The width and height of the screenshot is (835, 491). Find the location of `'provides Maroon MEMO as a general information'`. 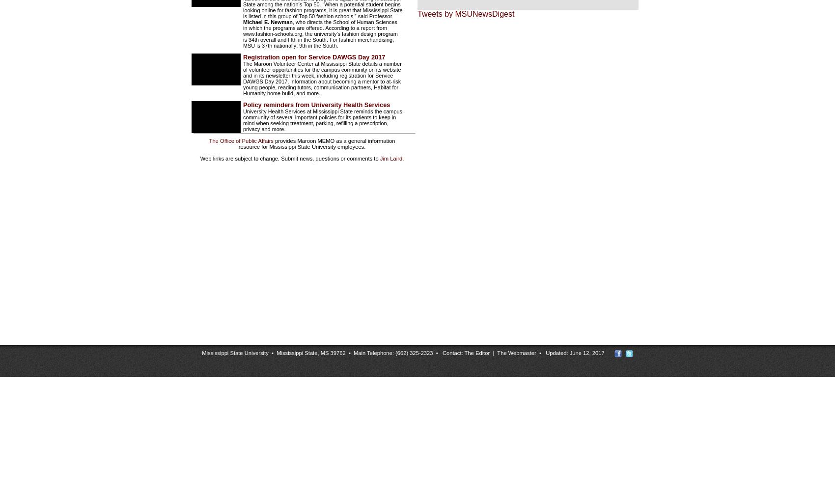

'provides Maroon MEMO as a general information' is located at coordinates (334, 141).